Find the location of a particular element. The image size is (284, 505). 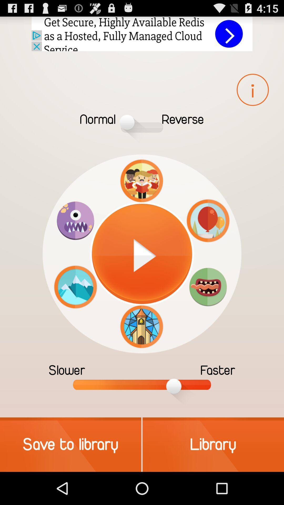

the house symbol is located at coordinates (141, 326).